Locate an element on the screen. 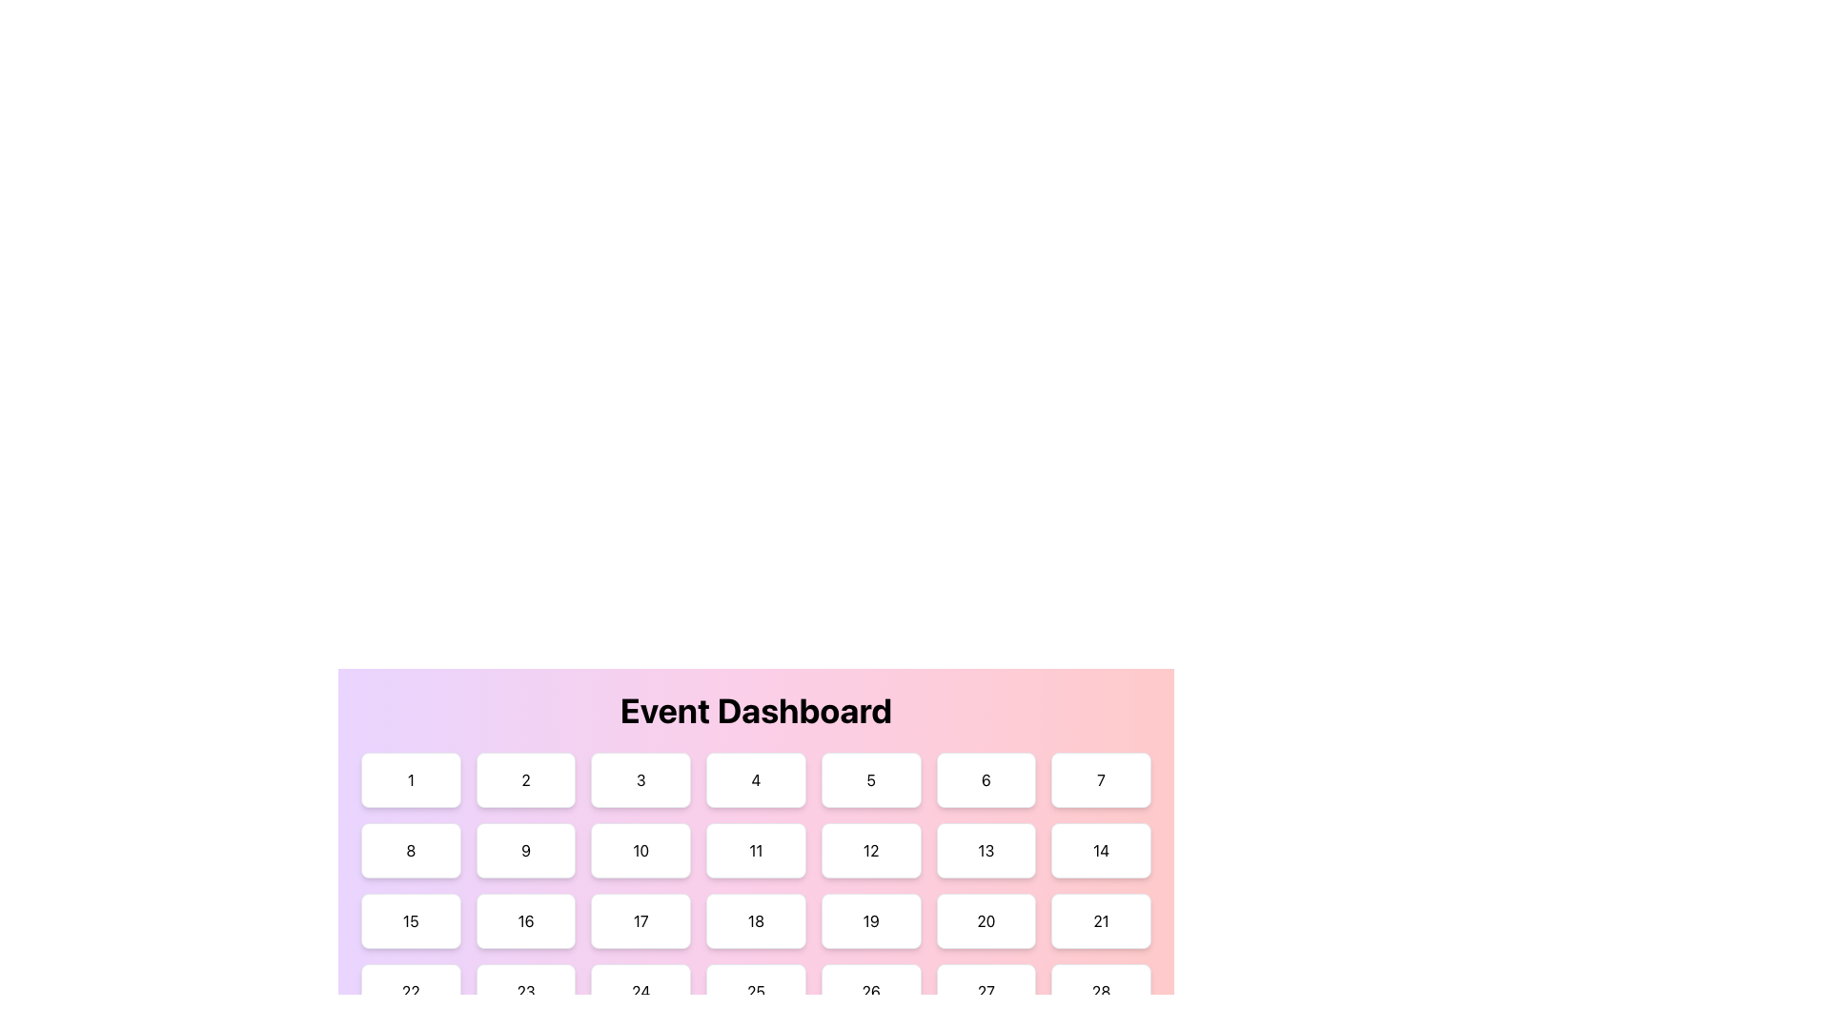 This screenshot has height=1029, width=1830. the button displaying the number '28' in bold black font, located in the last column of the fourth row of a grid layout is located at coordinates (1101, 991).